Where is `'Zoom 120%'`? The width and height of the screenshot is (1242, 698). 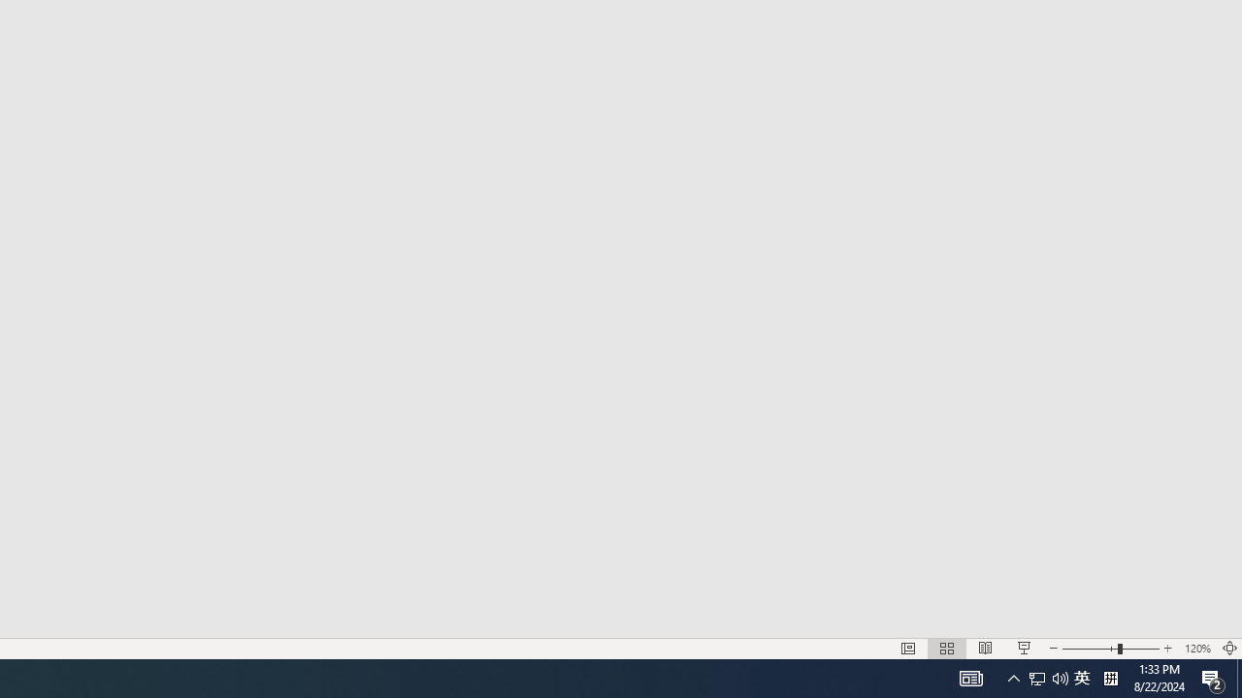
'Zoom 120%' is located at coordinates (1196, 649).